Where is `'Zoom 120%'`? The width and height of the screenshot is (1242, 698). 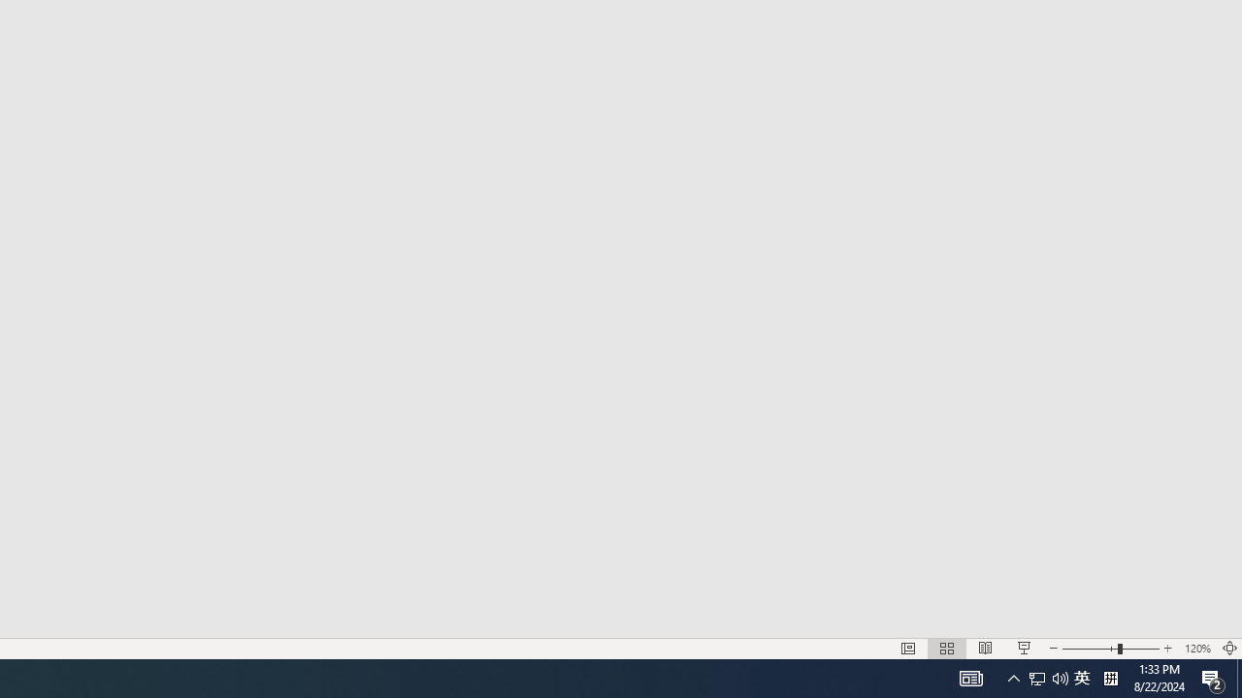
'Zoom 120%' is located at coordinates (1196, 649).